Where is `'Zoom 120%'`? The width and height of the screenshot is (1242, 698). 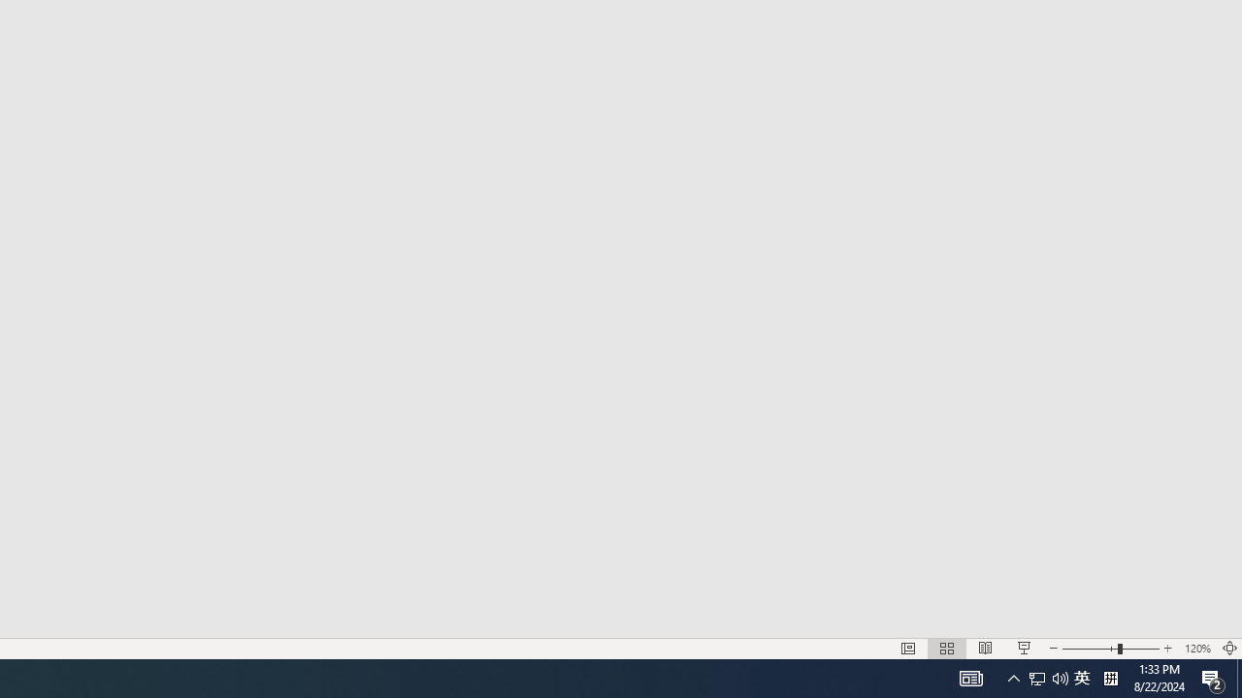
'Zoom 120%' is located at coordinates (1196, 649).